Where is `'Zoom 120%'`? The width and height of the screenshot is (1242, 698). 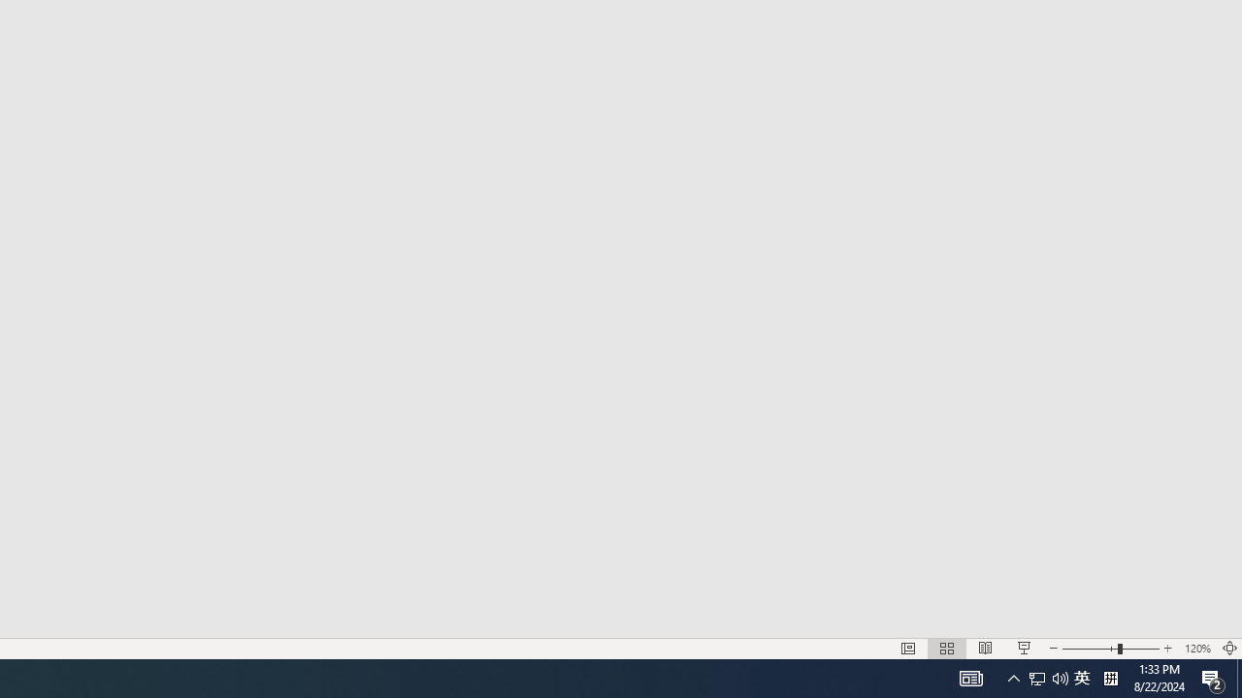
'Zoom 120%' is located at coordinates (1196, 649).